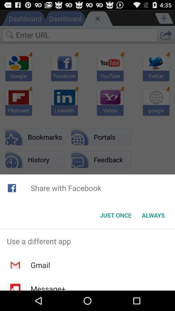 The image size is (175, 311). What do you see at coordinates (87, 241) in the screenshot?
I see `the use a different app` at bounding box center [87, 241].